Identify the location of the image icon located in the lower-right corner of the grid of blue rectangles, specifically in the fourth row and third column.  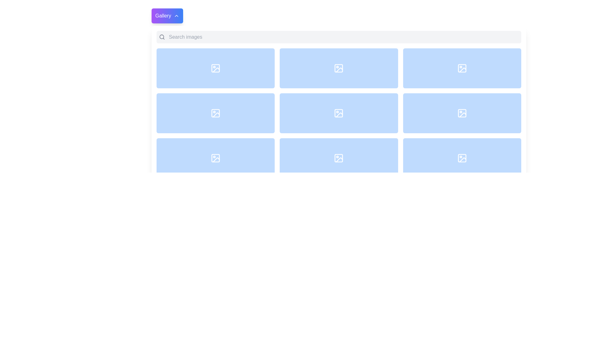
(462, 158).